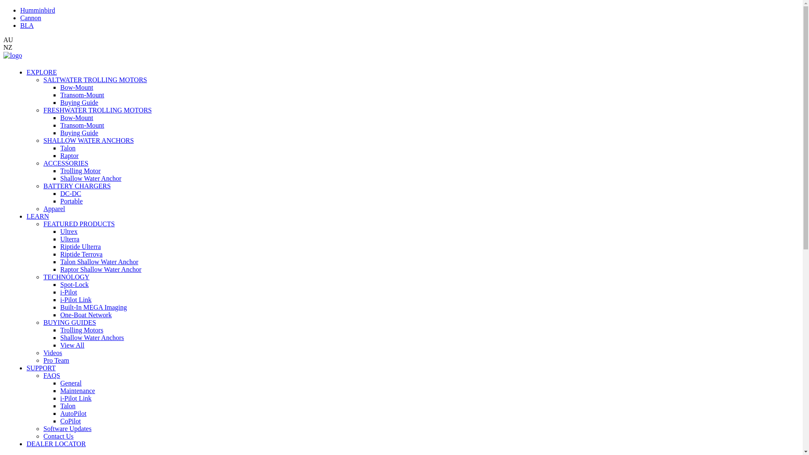  What do you see at coordinates (76, 299) in the screenshot?
I see `'i-Pilot Link'` at bounding box center [76, 299].